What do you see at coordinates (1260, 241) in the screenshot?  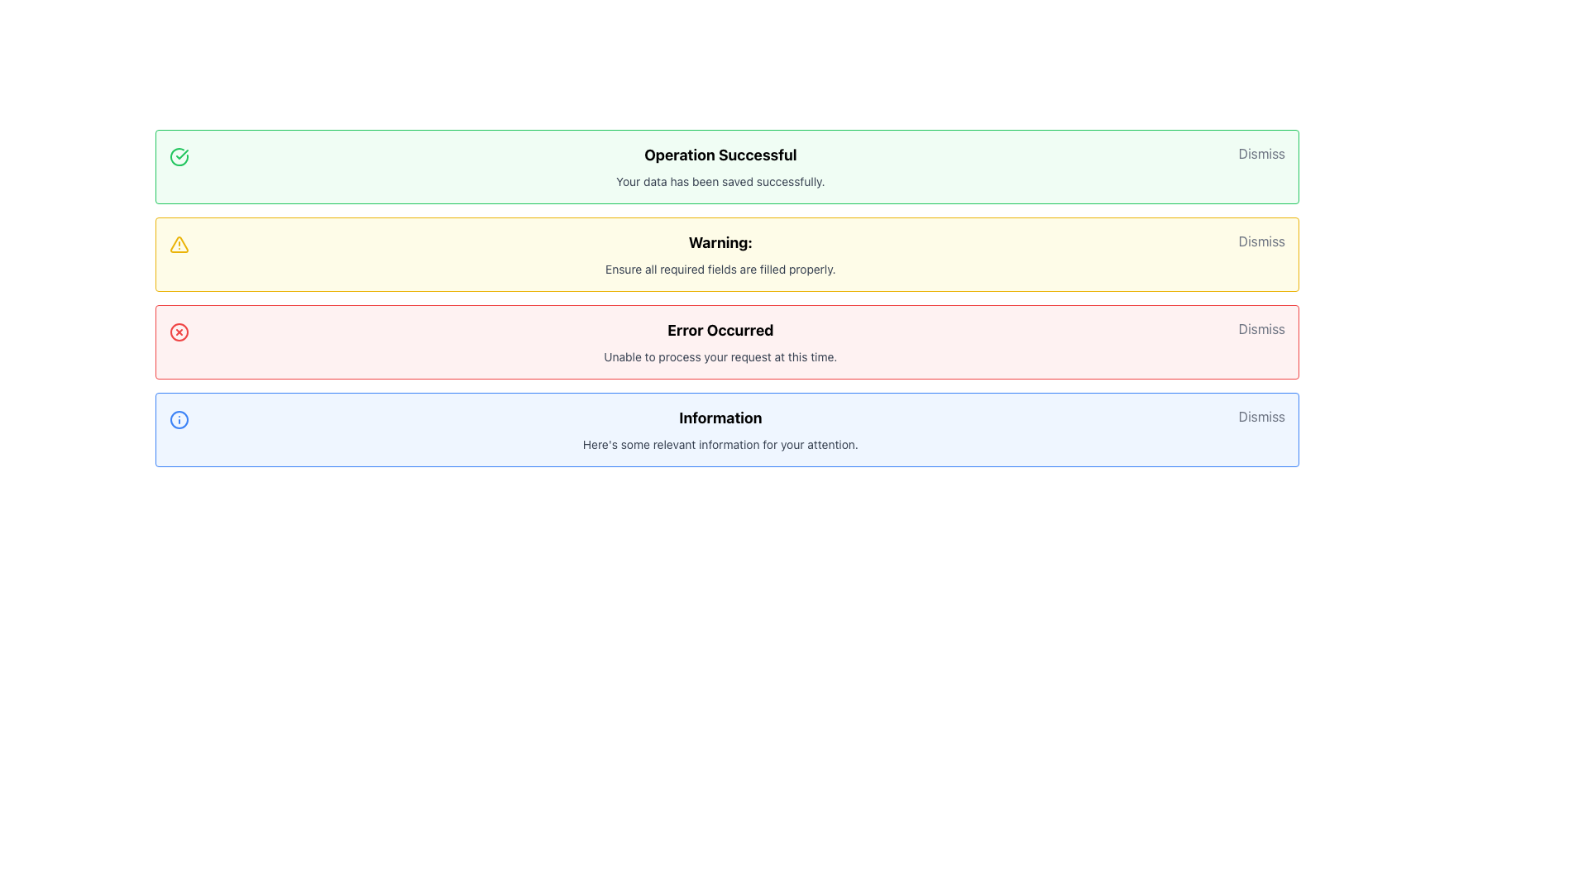 I see `the dismiss button located on the far right of the yellow warning banner` at bounding box center [1260, 241].